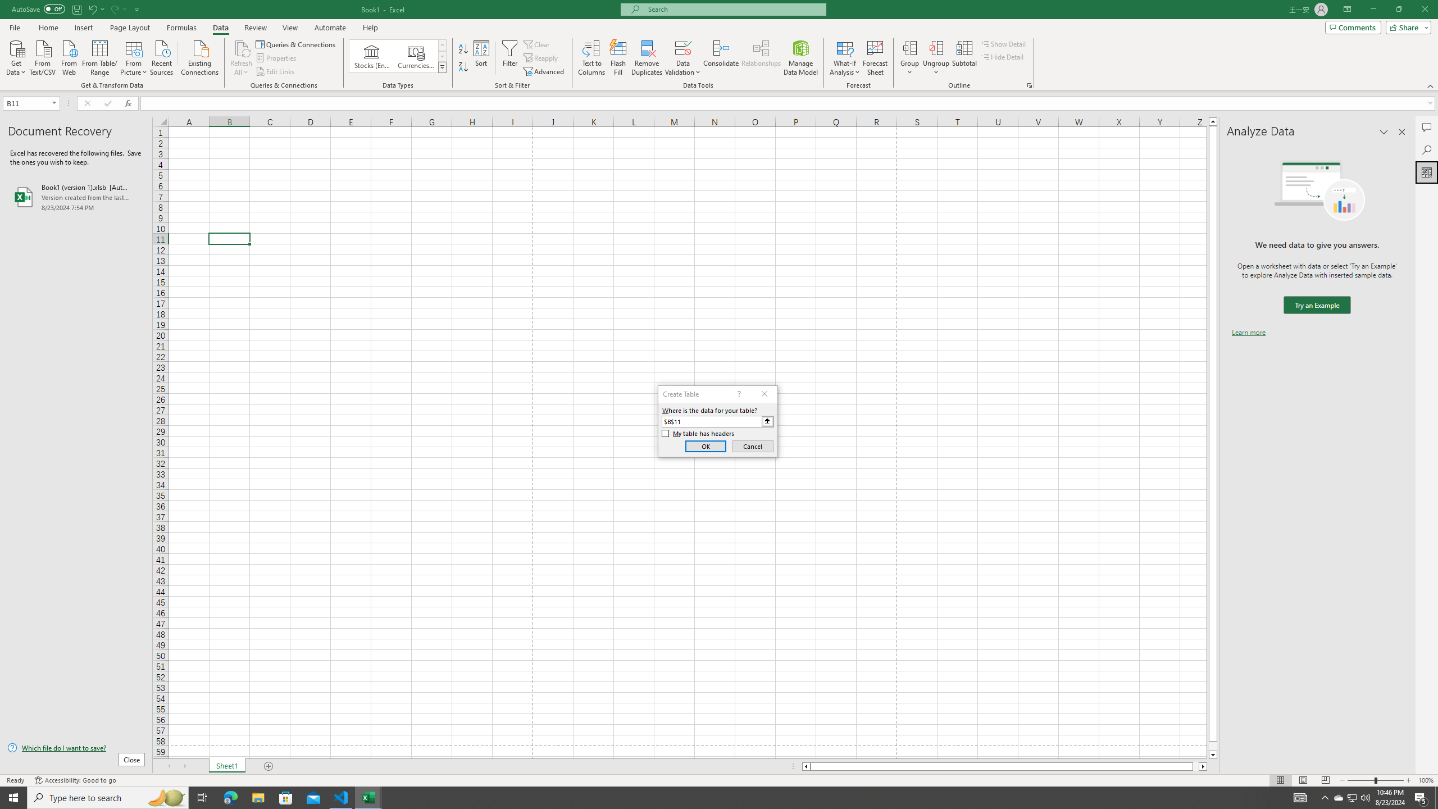 This screenshot has width=1438, height=809. I want to click on 'Manage Data Model', so click(800, 58).